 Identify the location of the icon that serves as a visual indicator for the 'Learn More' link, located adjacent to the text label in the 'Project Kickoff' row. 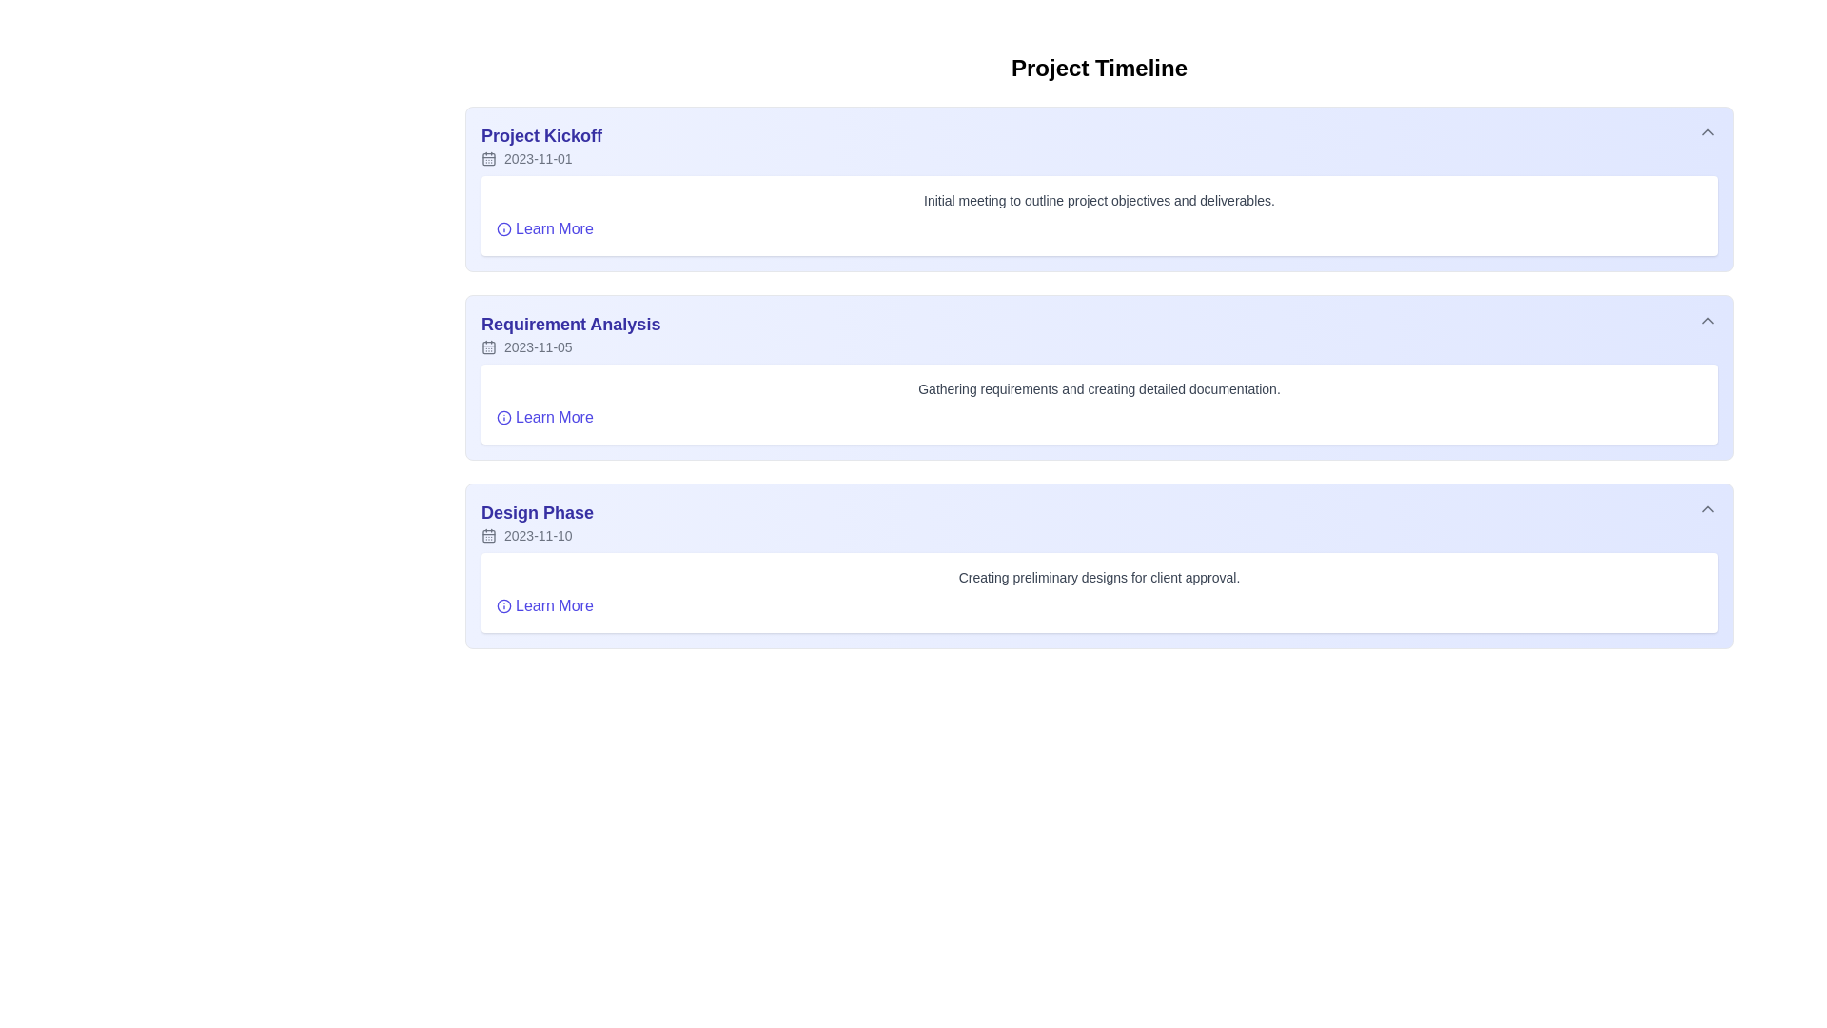
(503, 227).